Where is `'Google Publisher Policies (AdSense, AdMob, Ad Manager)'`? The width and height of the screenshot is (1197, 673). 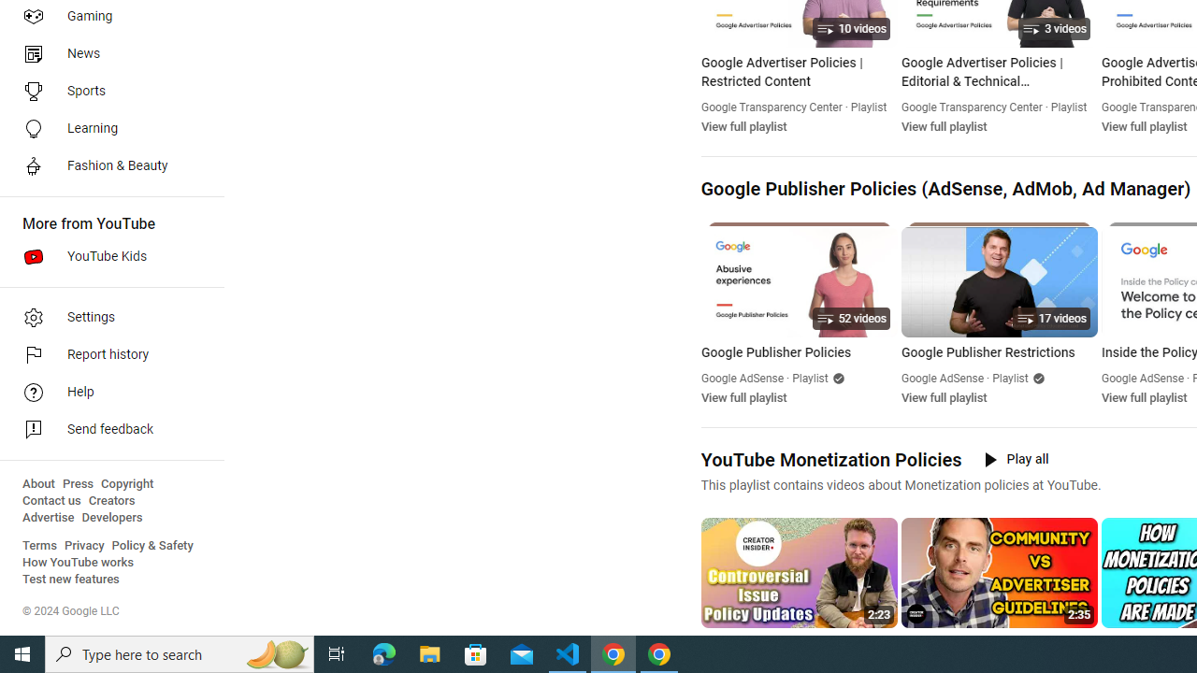
'Google Publisher Policies (AdSense, AdMob, Ad Manager)' is located at coordinates (945, 188).